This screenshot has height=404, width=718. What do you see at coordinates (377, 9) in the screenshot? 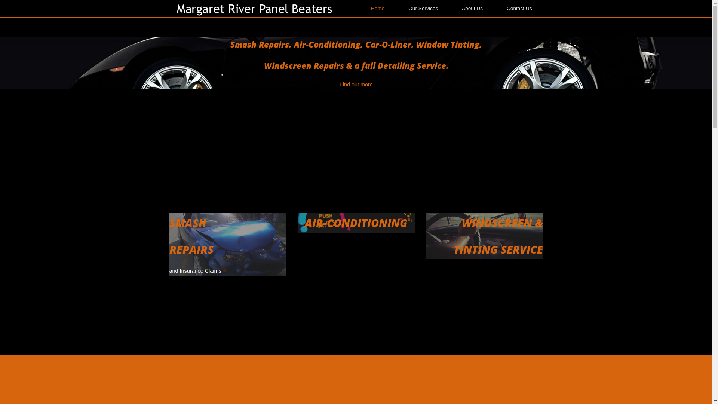
I see `'Home'` at bounding box center [377, 9].